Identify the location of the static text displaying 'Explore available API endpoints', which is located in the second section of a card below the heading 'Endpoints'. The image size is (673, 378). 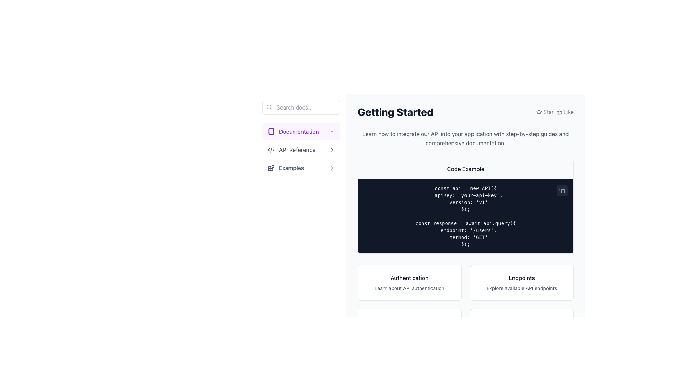
(522, 288).